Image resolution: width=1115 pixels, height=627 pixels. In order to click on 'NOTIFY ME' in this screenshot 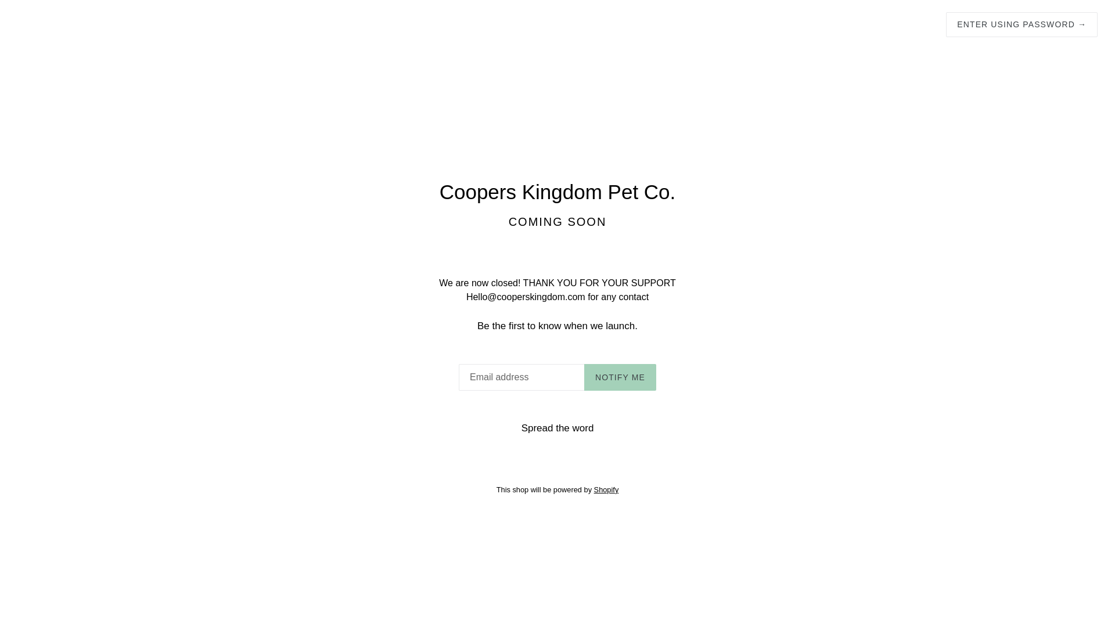, I will do `click(619, 377)`.